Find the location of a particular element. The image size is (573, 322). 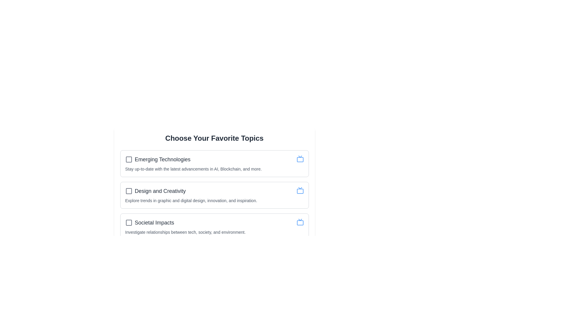

the text label providing additional information about the 'Emerging Technologies' topic, located directly below its header is located at coordinates (193, 169).